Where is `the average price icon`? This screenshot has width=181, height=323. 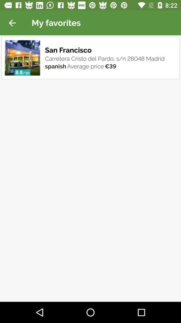
the average price icon is located at coordinates (85, 66).